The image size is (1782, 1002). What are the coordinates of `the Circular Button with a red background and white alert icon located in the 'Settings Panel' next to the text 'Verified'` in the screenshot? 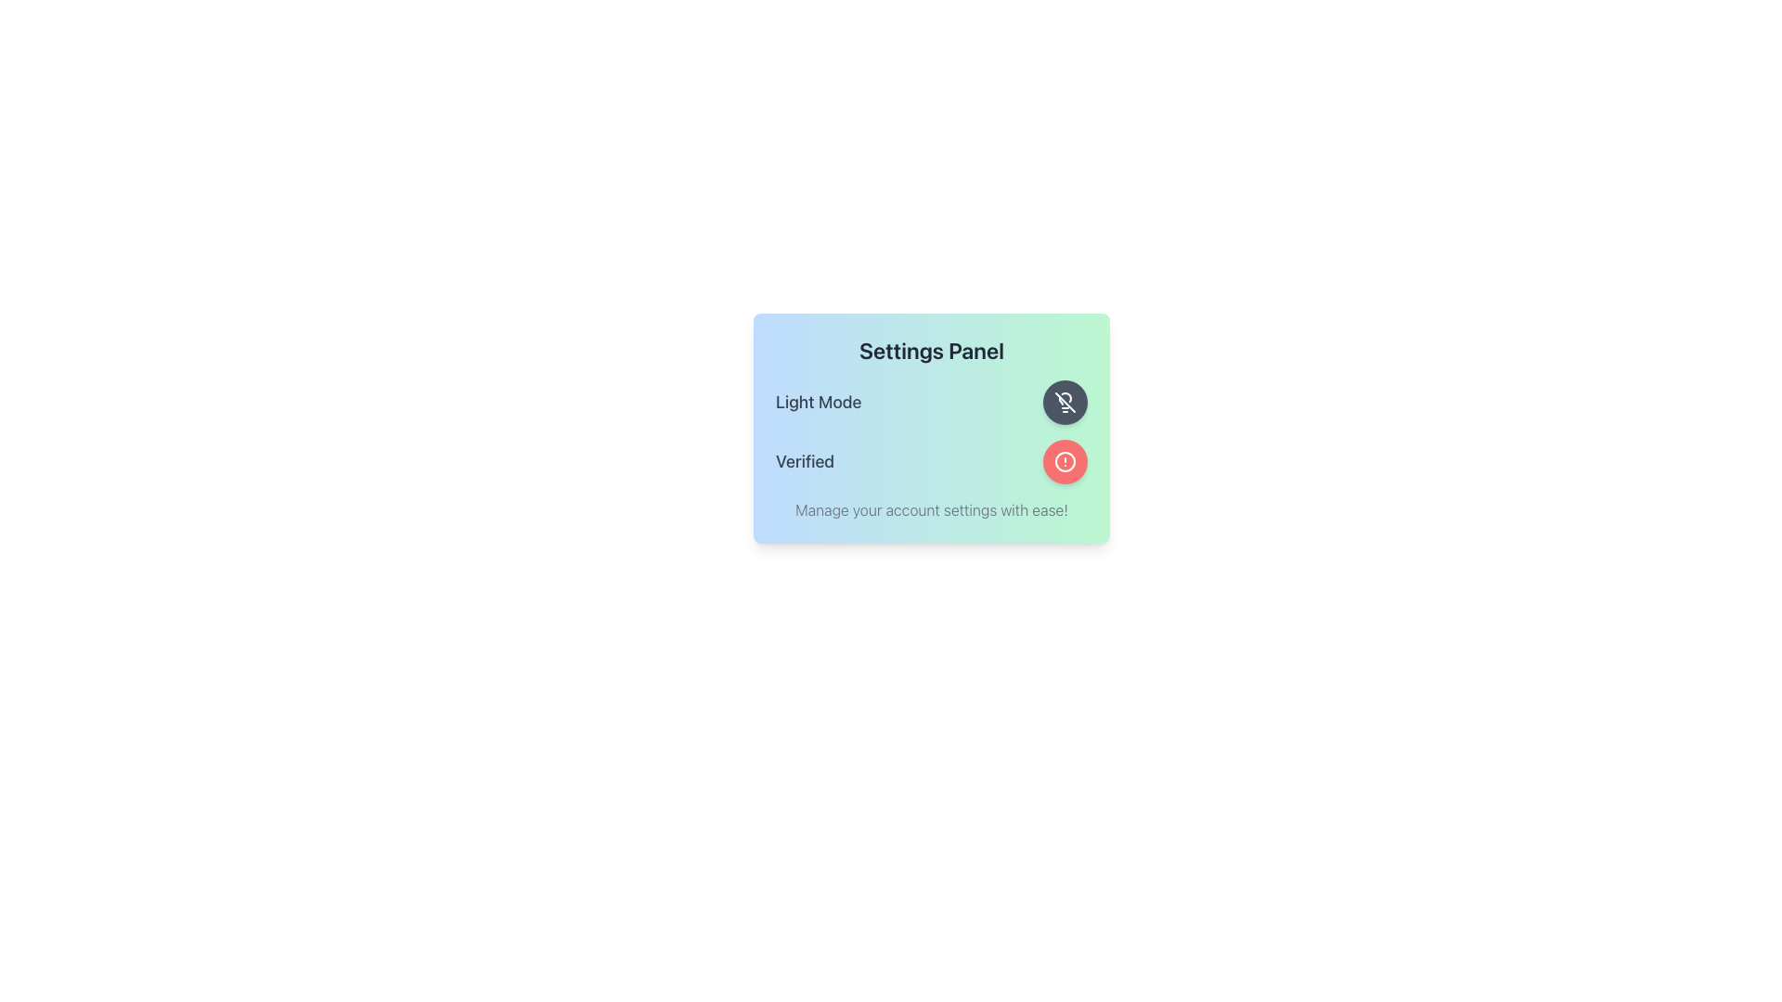 It's located at (1065, 460).